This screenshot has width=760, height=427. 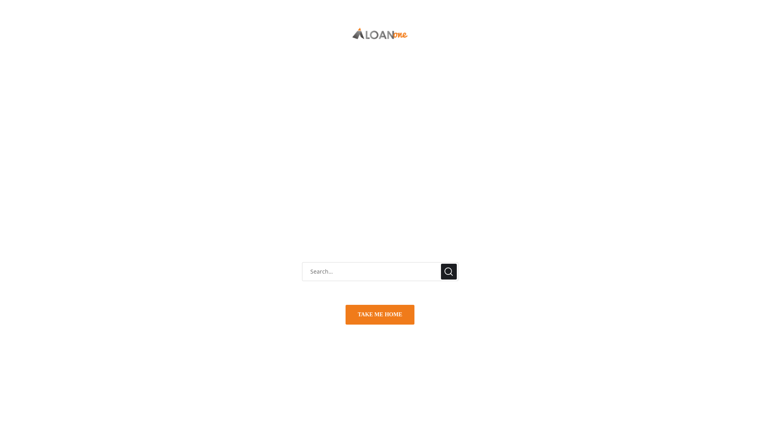 I want to click on 'TAKE ME HOME', so click(x=380, y=314).